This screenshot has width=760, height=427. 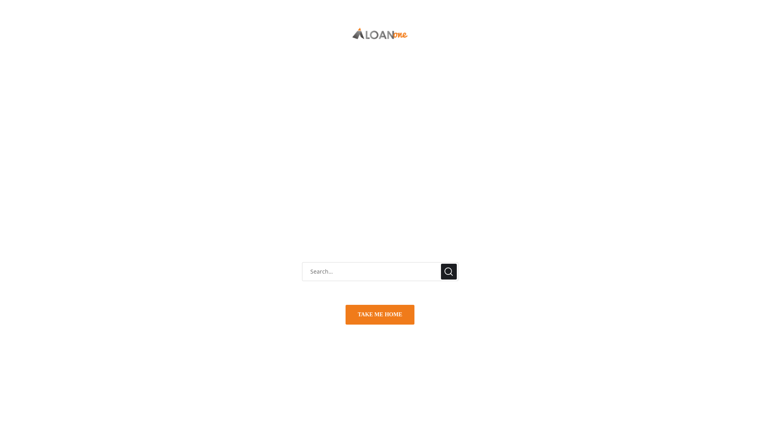 I want to click on 'TAKE ME HOME', so click(x=380, y=314).